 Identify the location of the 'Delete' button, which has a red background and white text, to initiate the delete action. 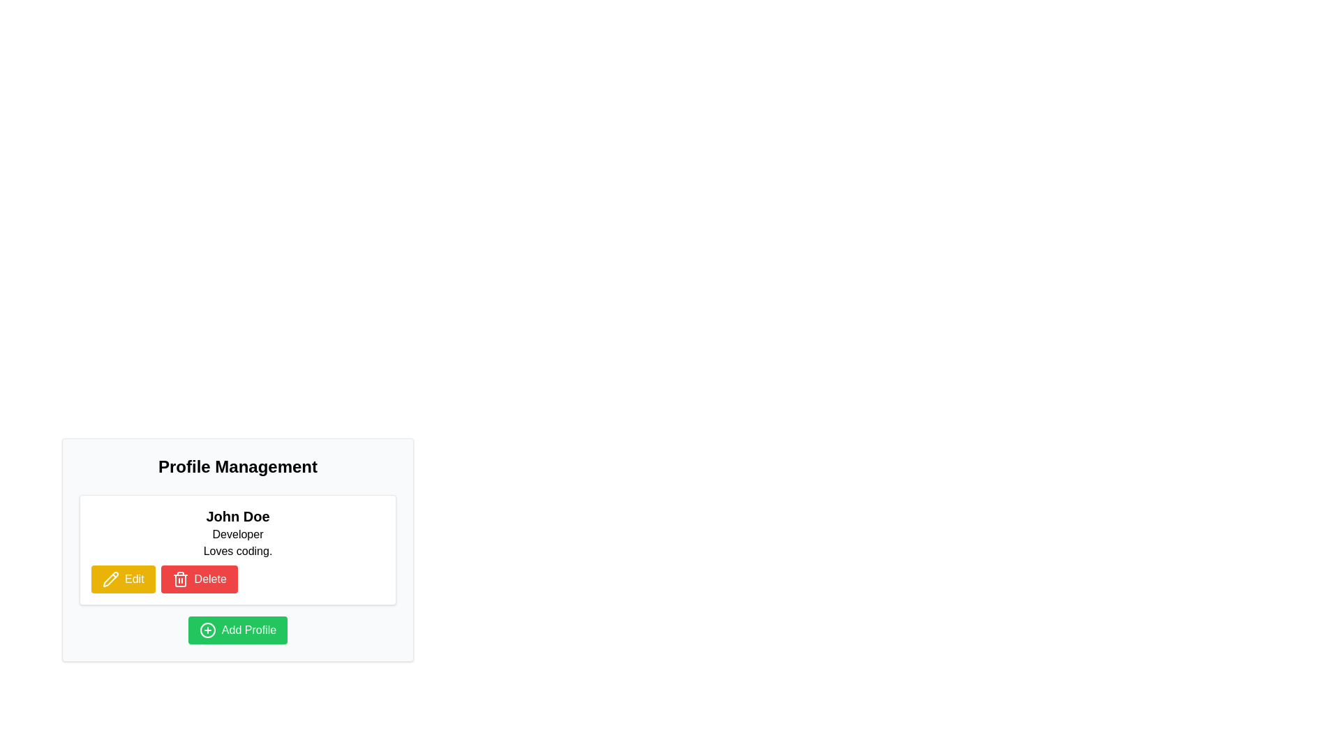
(198, 579).